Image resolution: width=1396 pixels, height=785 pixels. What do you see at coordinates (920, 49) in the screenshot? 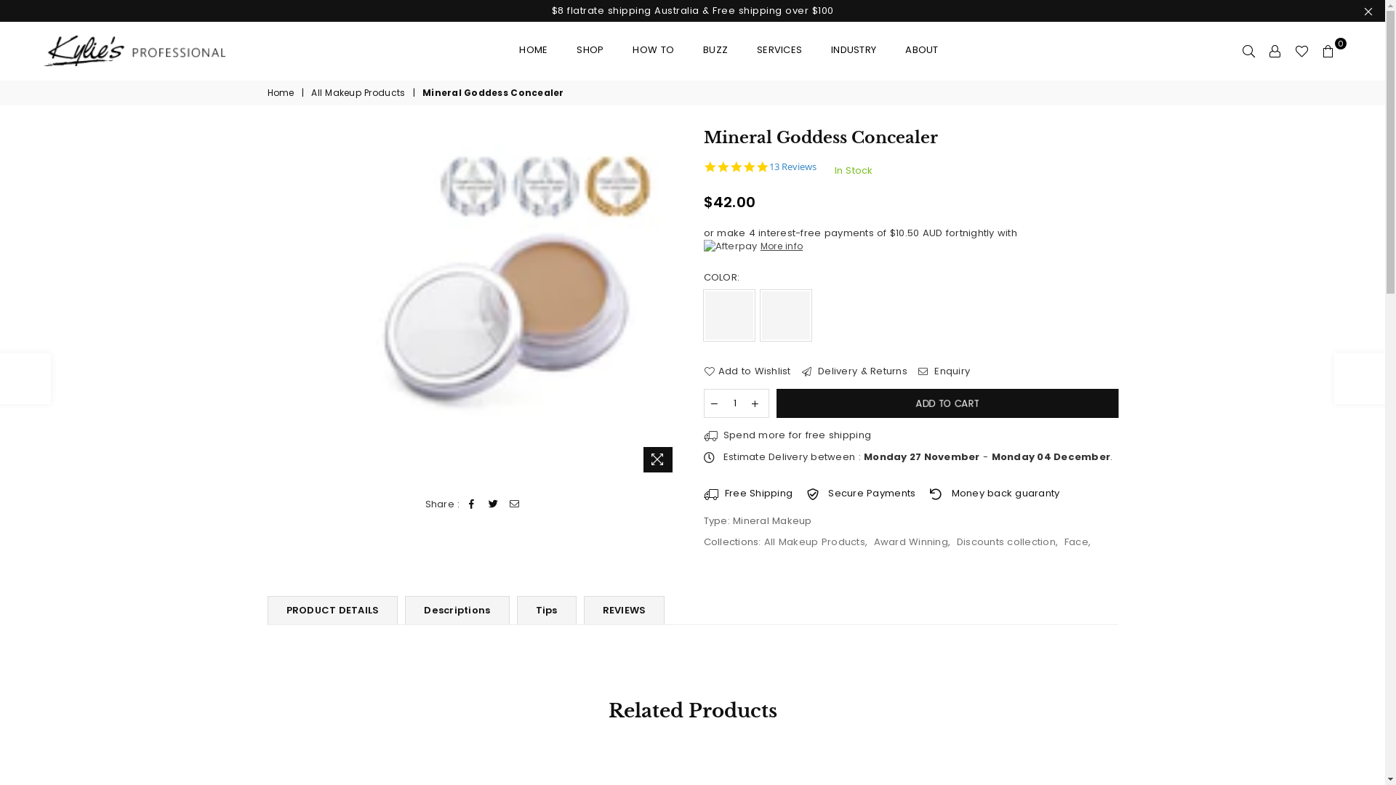
I see `'ABOUT'` at bounding box center [920, 49].